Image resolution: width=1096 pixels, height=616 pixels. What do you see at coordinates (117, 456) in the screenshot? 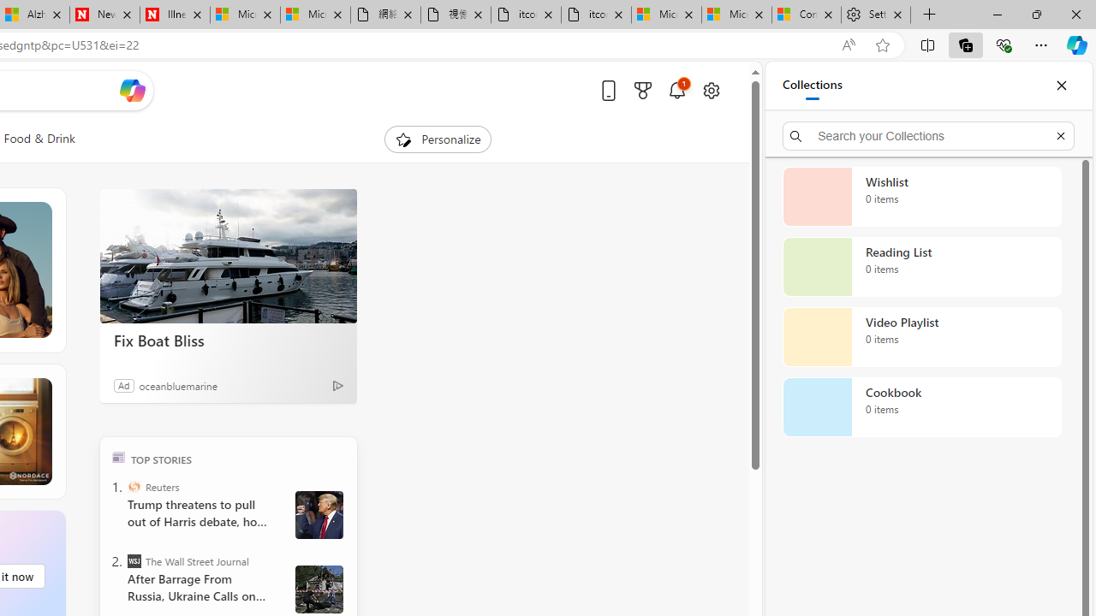
I see `'TOP'` at bounding box center [117, 456].